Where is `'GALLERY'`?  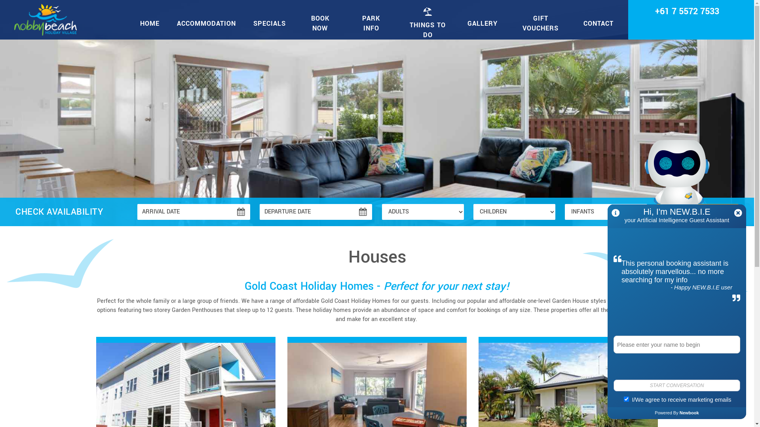 'GALLERY' is located at coordinates (482, 23).